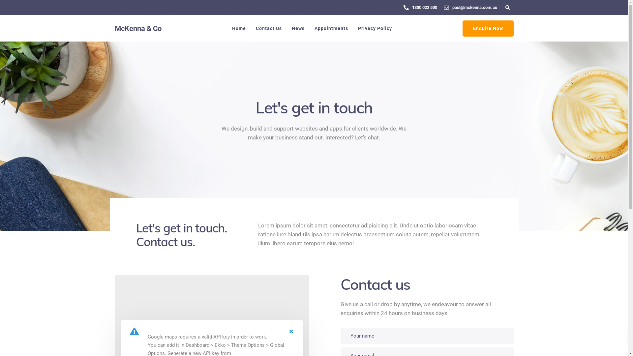 The height and width of the screenshot is (356, 633). I want to click on 'McKenna & Co', so click(137, 28).